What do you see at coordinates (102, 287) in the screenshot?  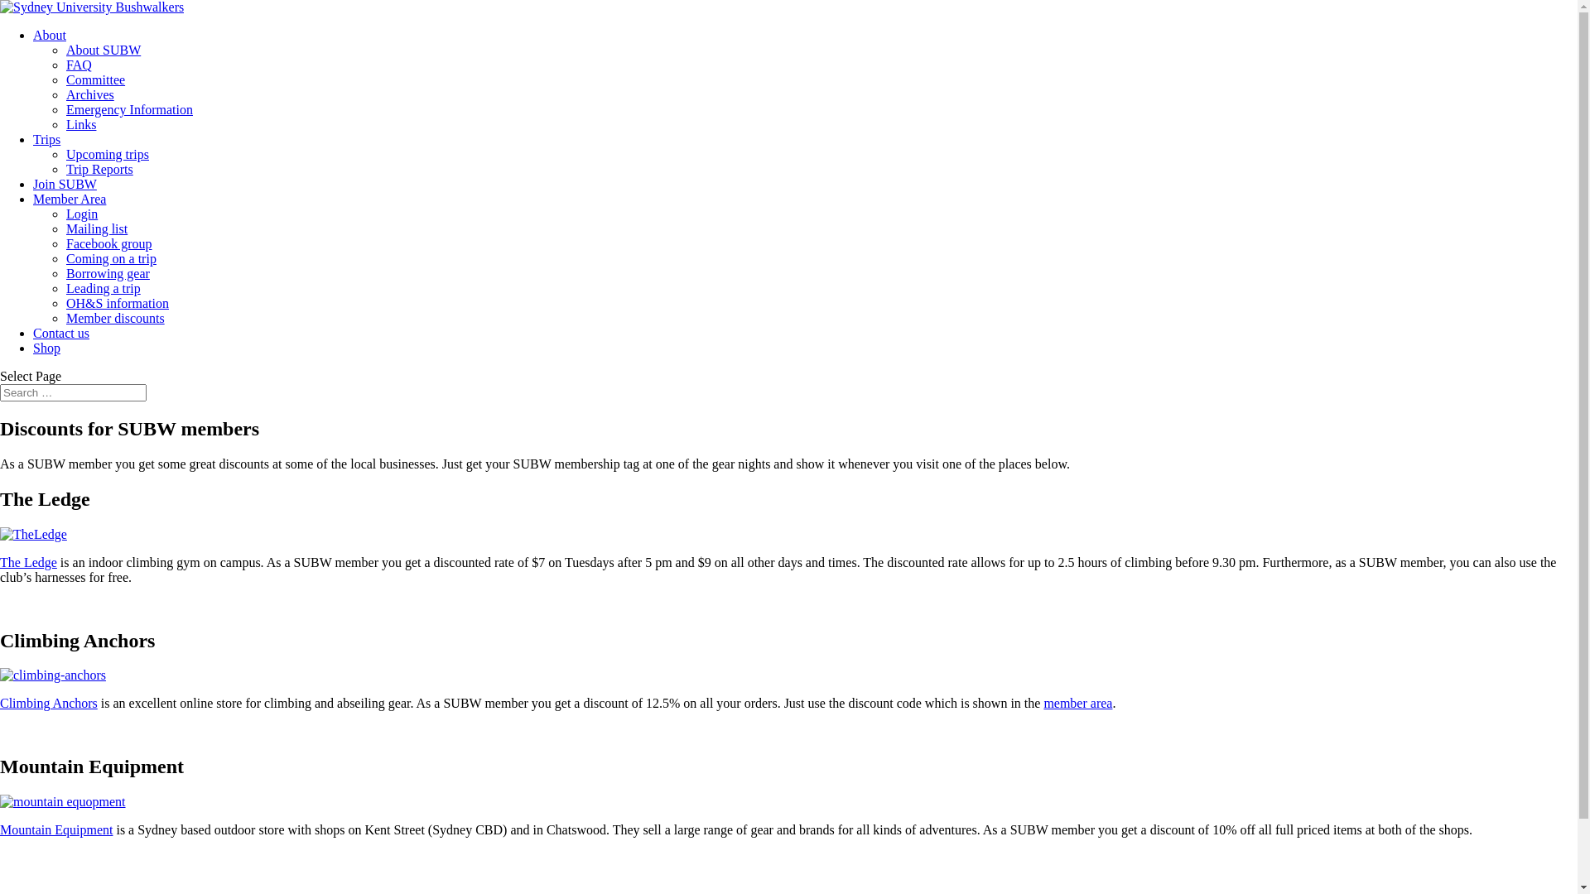 I see `'Leading a trip'` at bounding box center [102, 287].